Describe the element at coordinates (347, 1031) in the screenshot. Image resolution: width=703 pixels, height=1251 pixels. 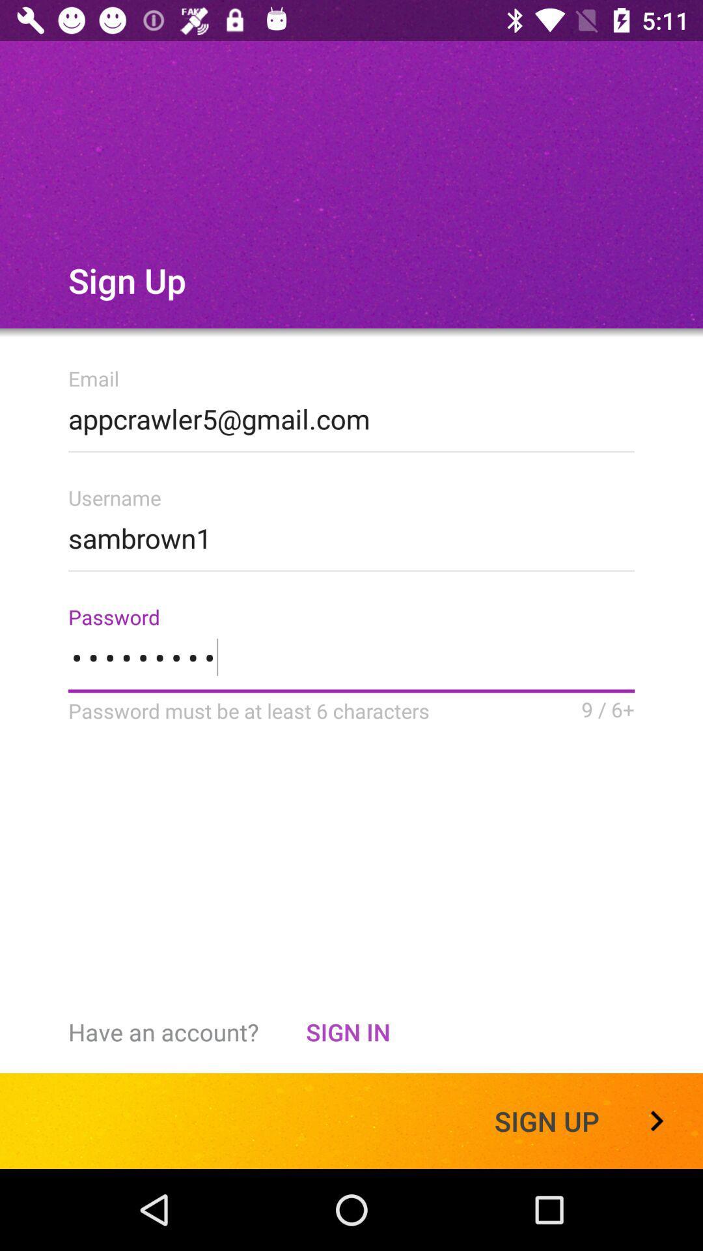
I see `item next to the sign up icon` at that location.